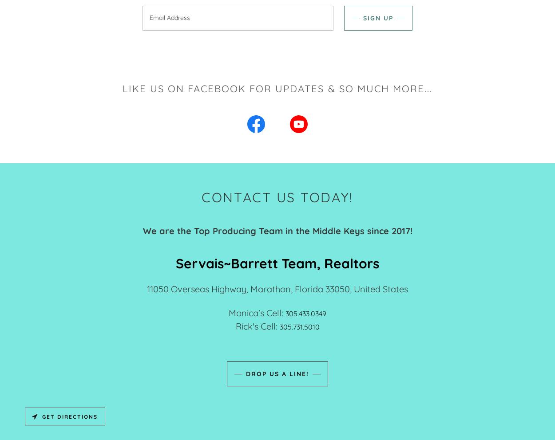 The width and height of the screenshot is (555, 440). Describe the element at coordinates (277, 263) in the screenshot. I see `'Servais~Barrett Team, Realtors'` at that location.